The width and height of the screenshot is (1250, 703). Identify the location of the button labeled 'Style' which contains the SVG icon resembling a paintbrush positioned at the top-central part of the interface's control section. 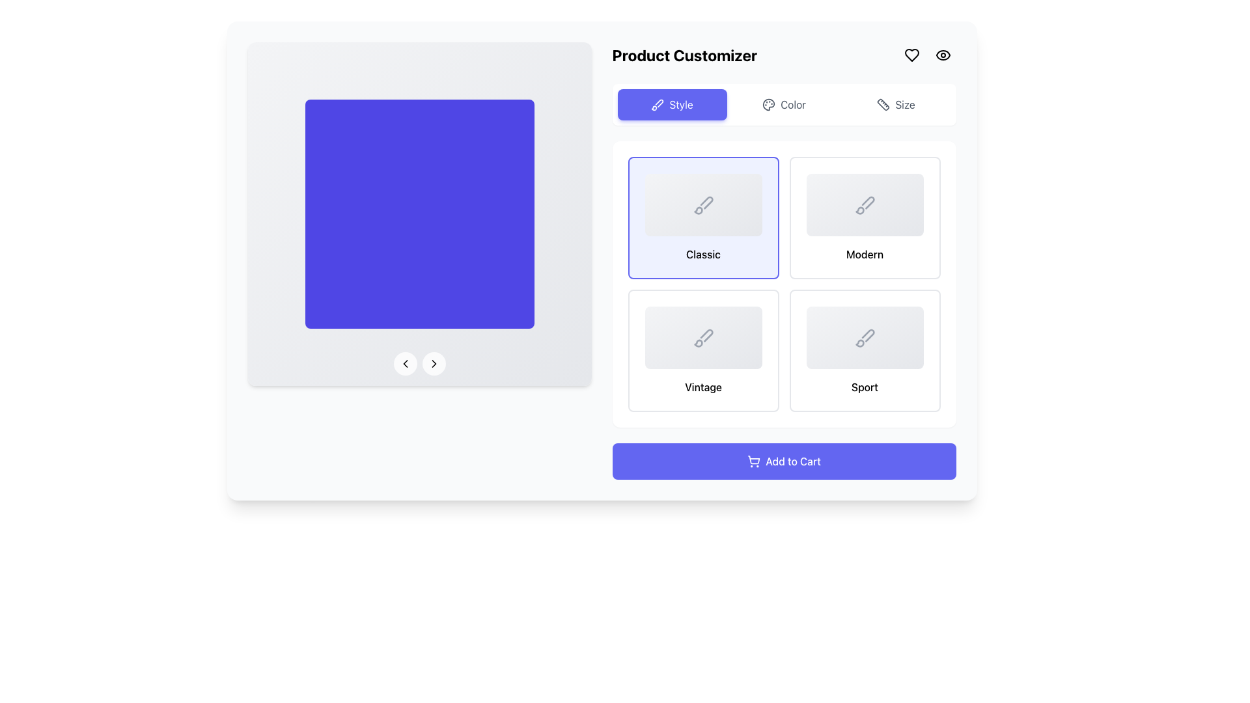
(657, 104).